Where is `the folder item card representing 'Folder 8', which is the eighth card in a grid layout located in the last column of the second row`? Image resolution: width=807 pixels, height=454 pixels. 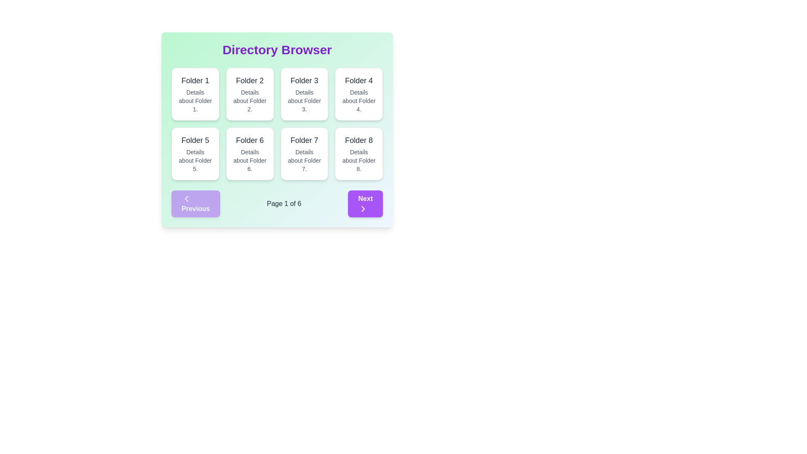
the folder item card representing 'Folder 8', which is the eighth card in a grid layout located in the last column of the second row is located at coordinates (359, 154).